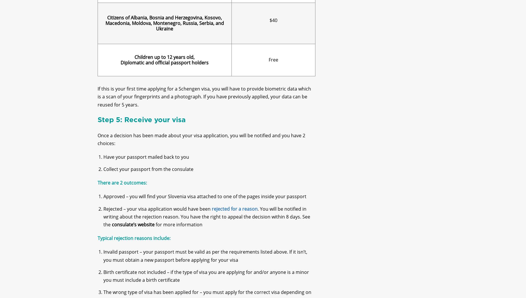 Image resolution: width=526 pixels, height=298 pixels. What do you see at coordinates (164, 28) in the screenshot?
I see `'Citizens of Albania, Bosnia and Herzegovina, Kosovo, Macedonia, Moldova, Montenegro, Russia, Serbia, and Ukraine'` at bounding box center [164, 28].